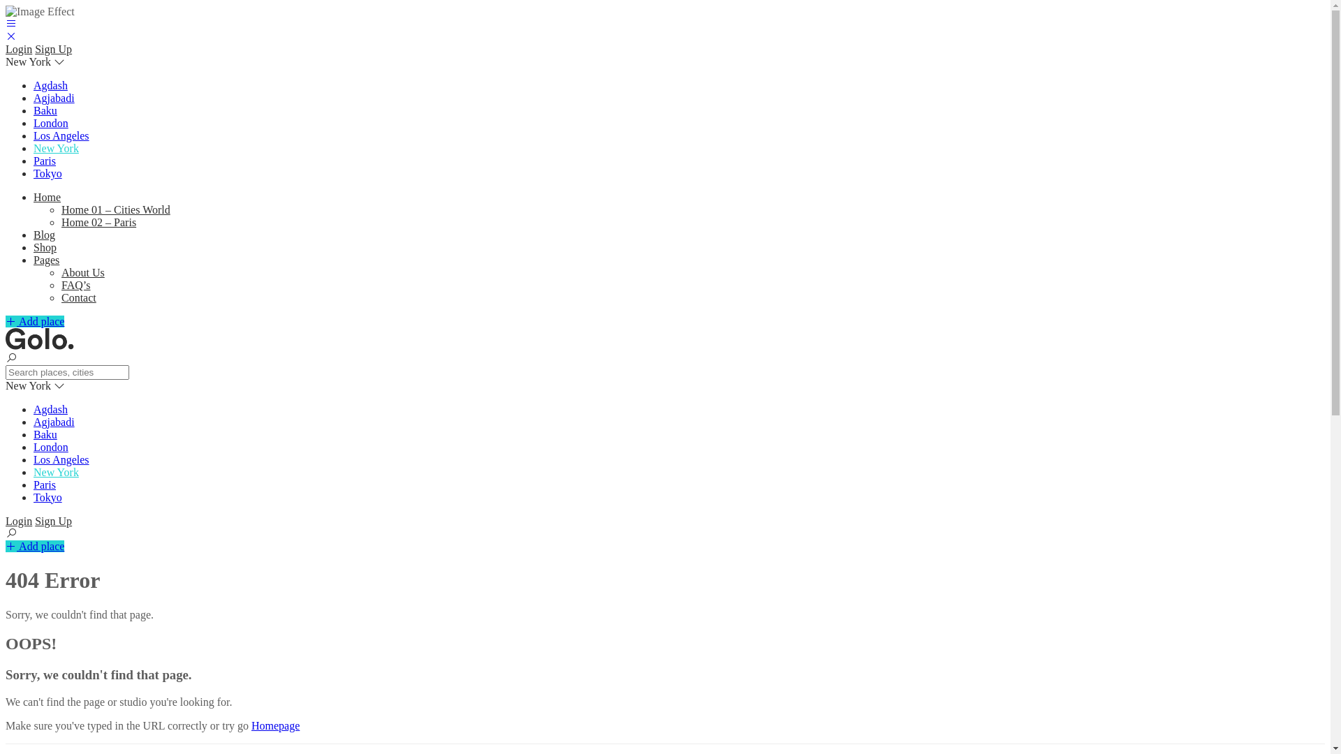 The image size is (1341, 754). I want to click on 'New York', so click(56, 471).